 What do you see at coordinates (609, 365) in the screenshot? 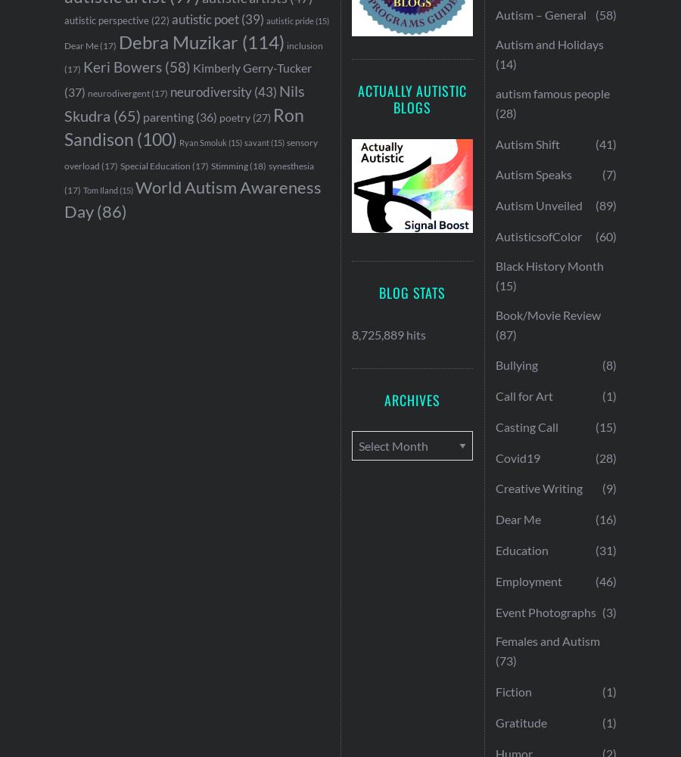
I see `'(8)'` at bounding box center [609, 365].